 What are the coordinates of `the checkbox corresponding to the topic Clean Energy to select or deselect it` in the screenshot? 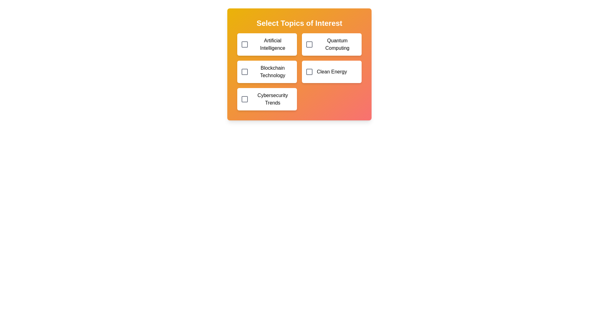 It's located at (309, 72).